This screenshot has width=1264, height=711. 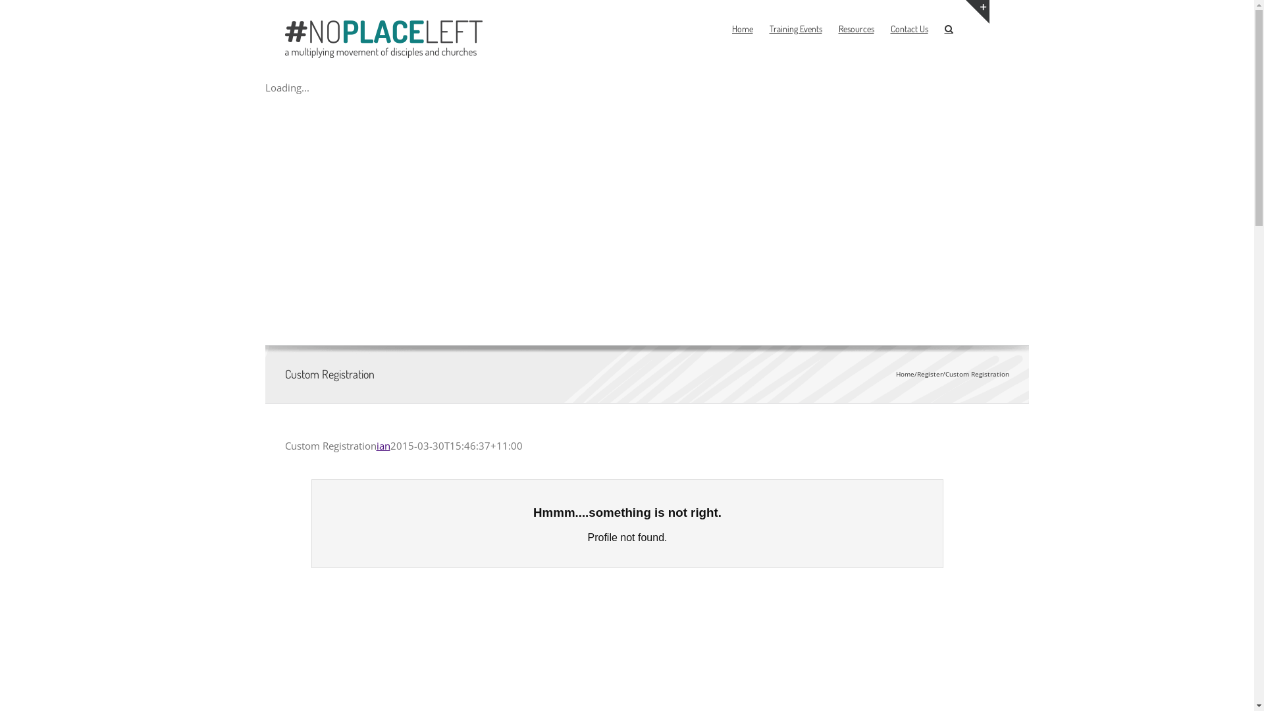 What do you see at coordinates (743, 28) in the screenshot?
I see `'Home'` at bounding box center [743, 28].